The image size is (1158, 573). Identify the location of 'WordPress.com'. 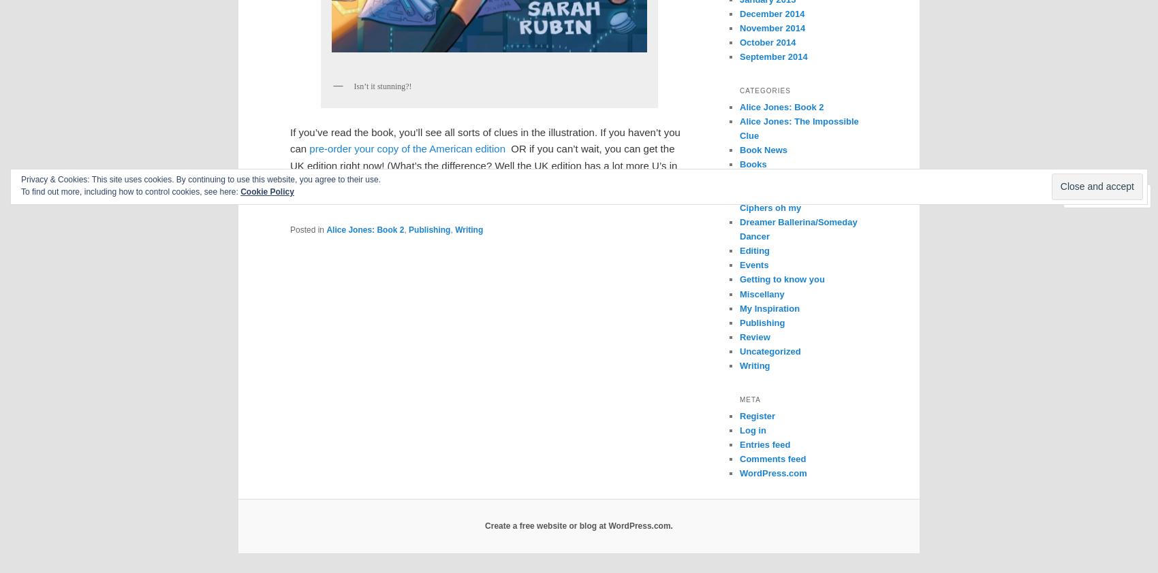
(739, 473).